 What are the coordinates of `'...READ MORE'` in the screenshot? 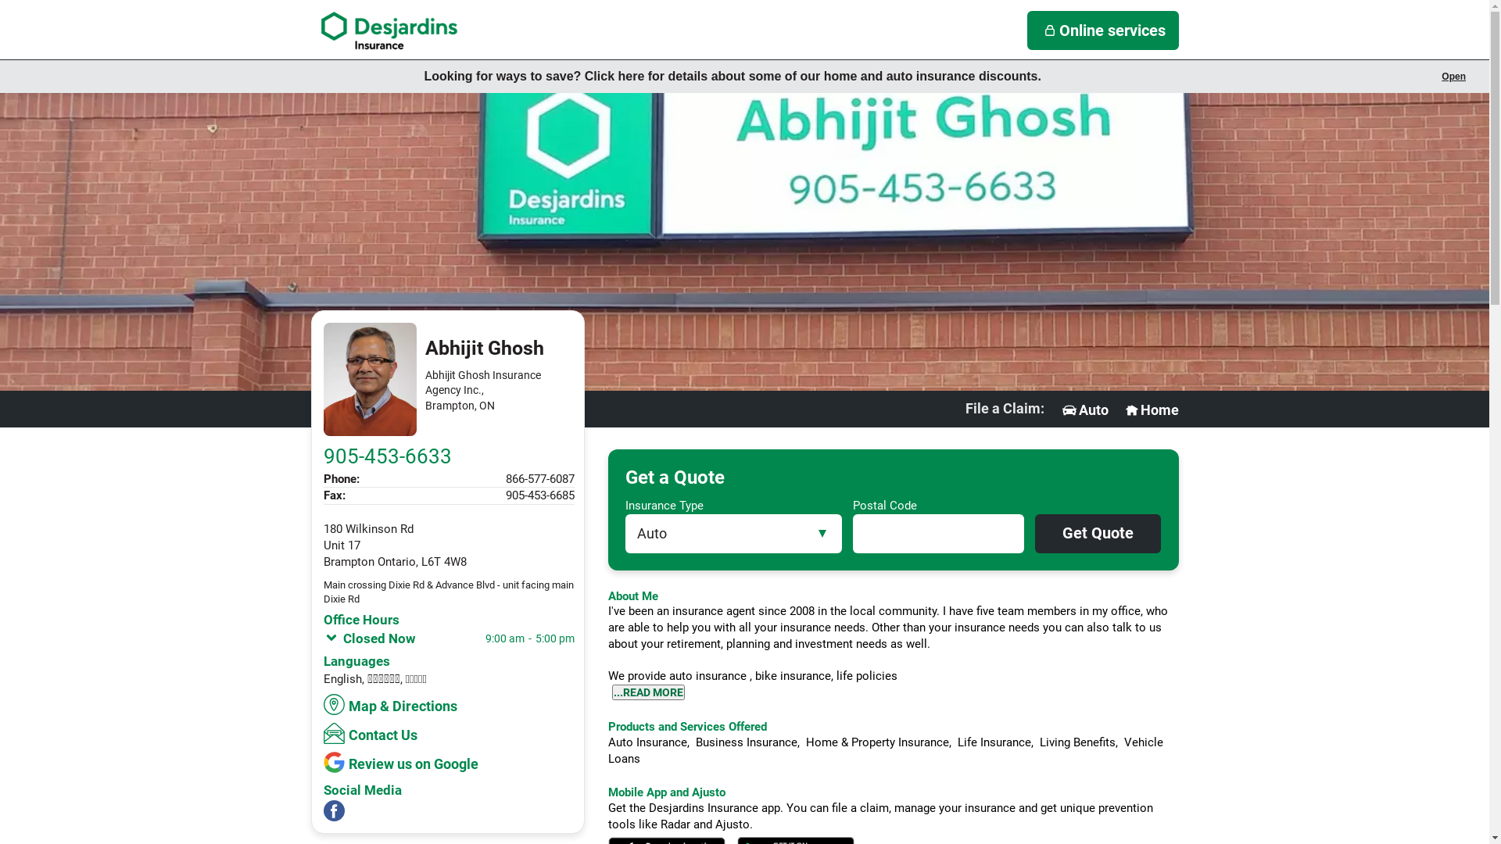 It's located at (647, 692).